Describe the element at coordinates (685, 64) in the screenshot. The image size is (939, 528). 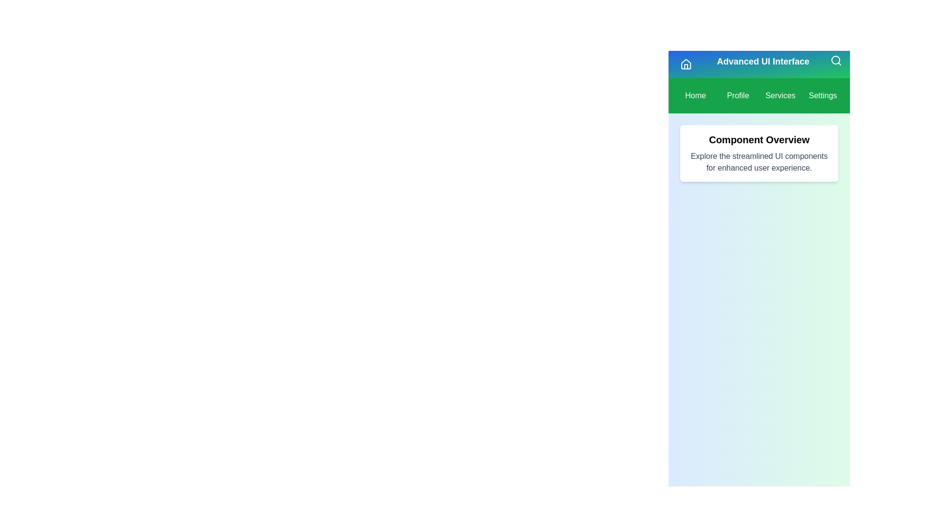
I see `the menu button to toggle the menu visibility` at that location.